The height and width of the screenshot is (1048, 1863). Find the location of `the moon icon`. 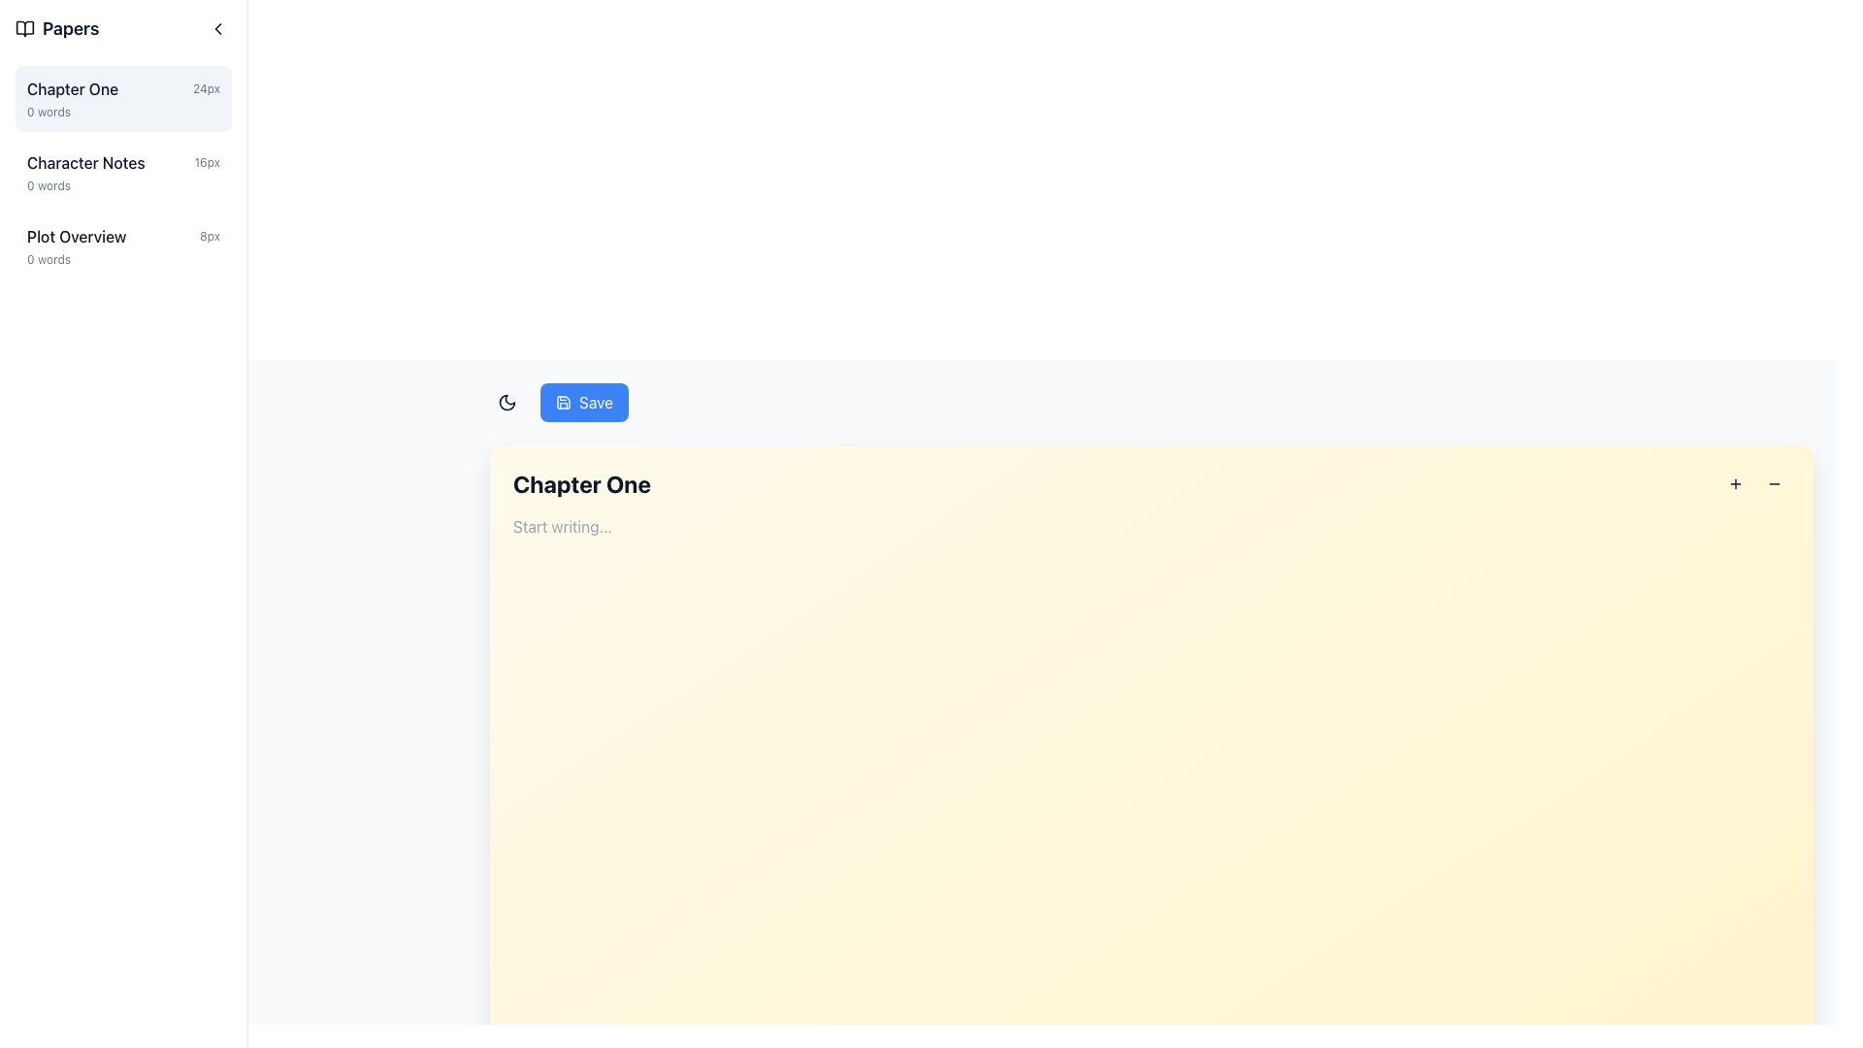

the moon icon is located at coordinates (507, 402).